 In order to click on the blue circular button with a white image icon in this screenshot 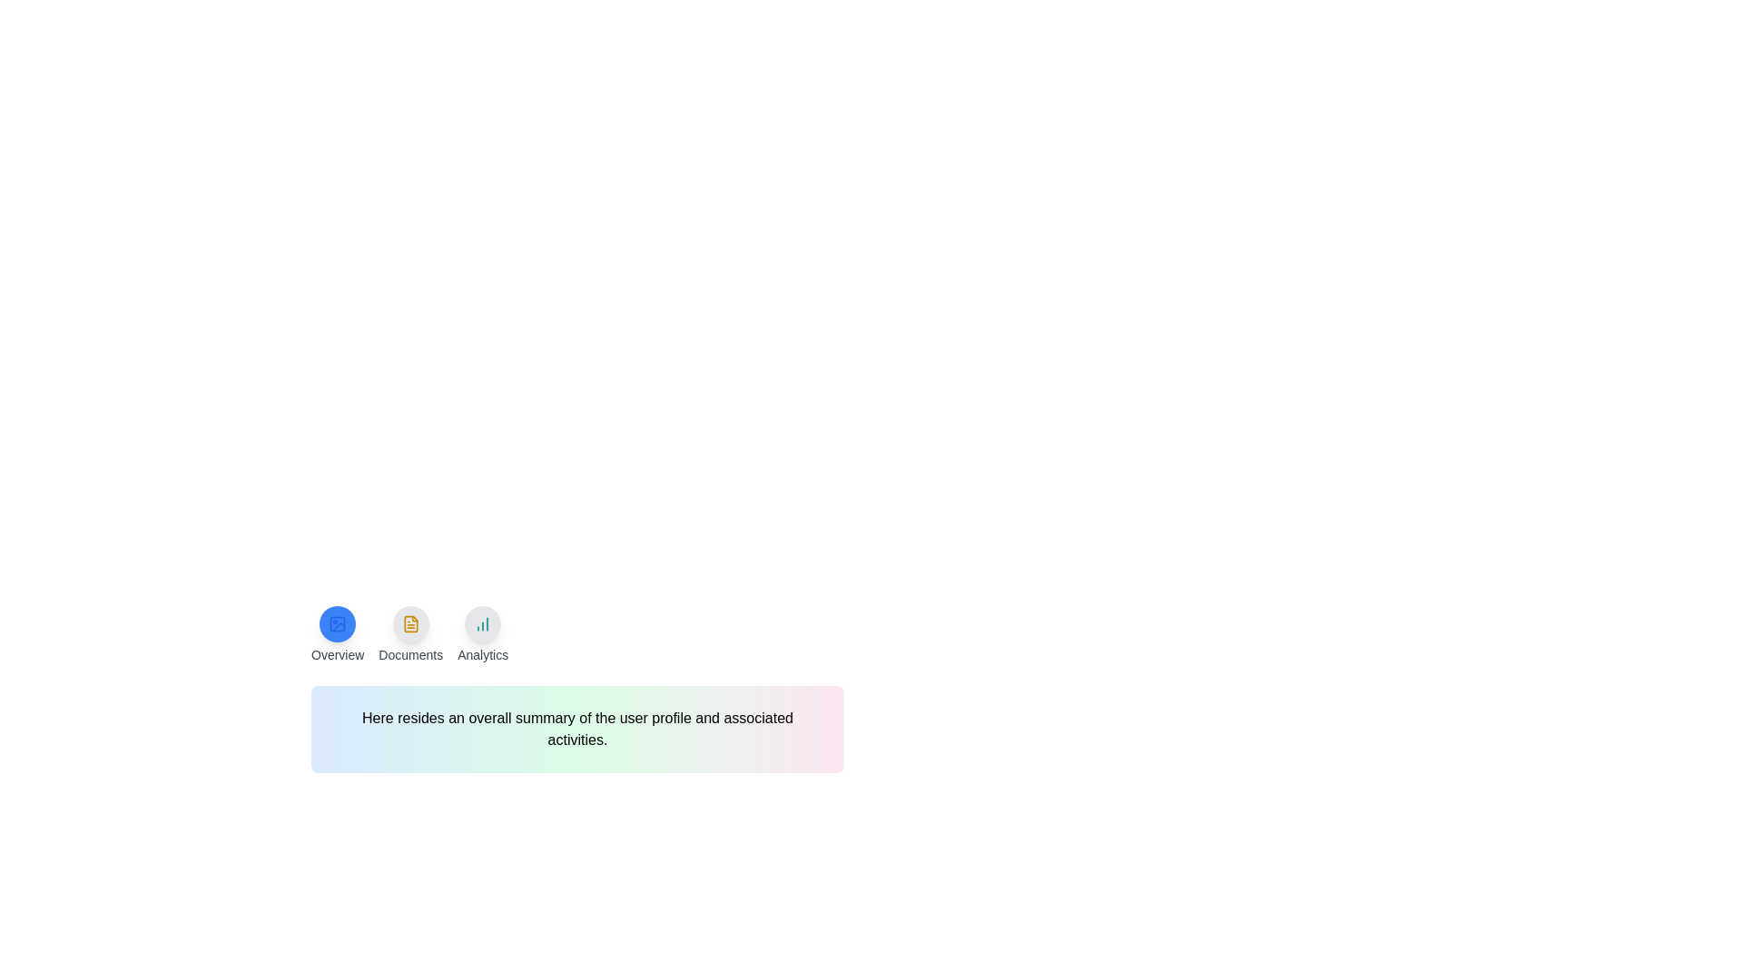, I will do `click(338, 622)`.